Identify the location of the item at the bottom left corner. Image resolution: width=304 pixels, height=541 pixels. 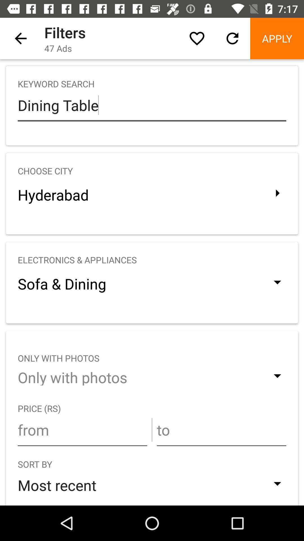
(82, 429).